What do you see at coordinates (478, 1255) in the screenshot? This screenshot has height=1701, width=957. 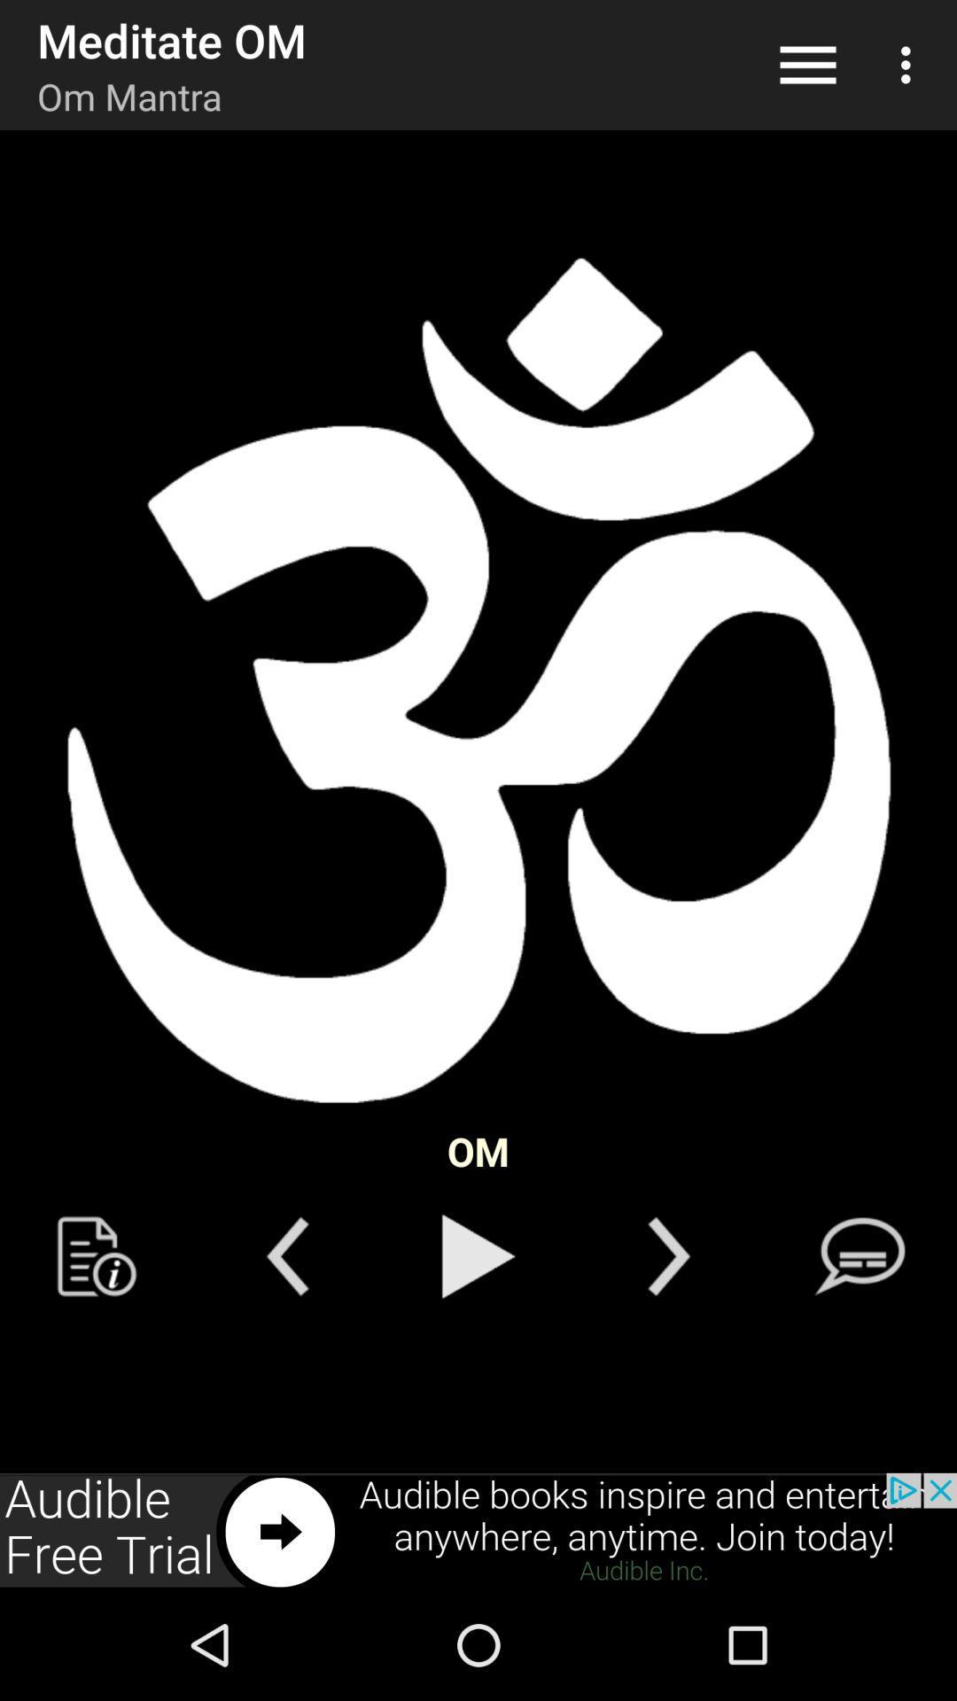 I see `sound pega` at bounding box center [478, 1255].